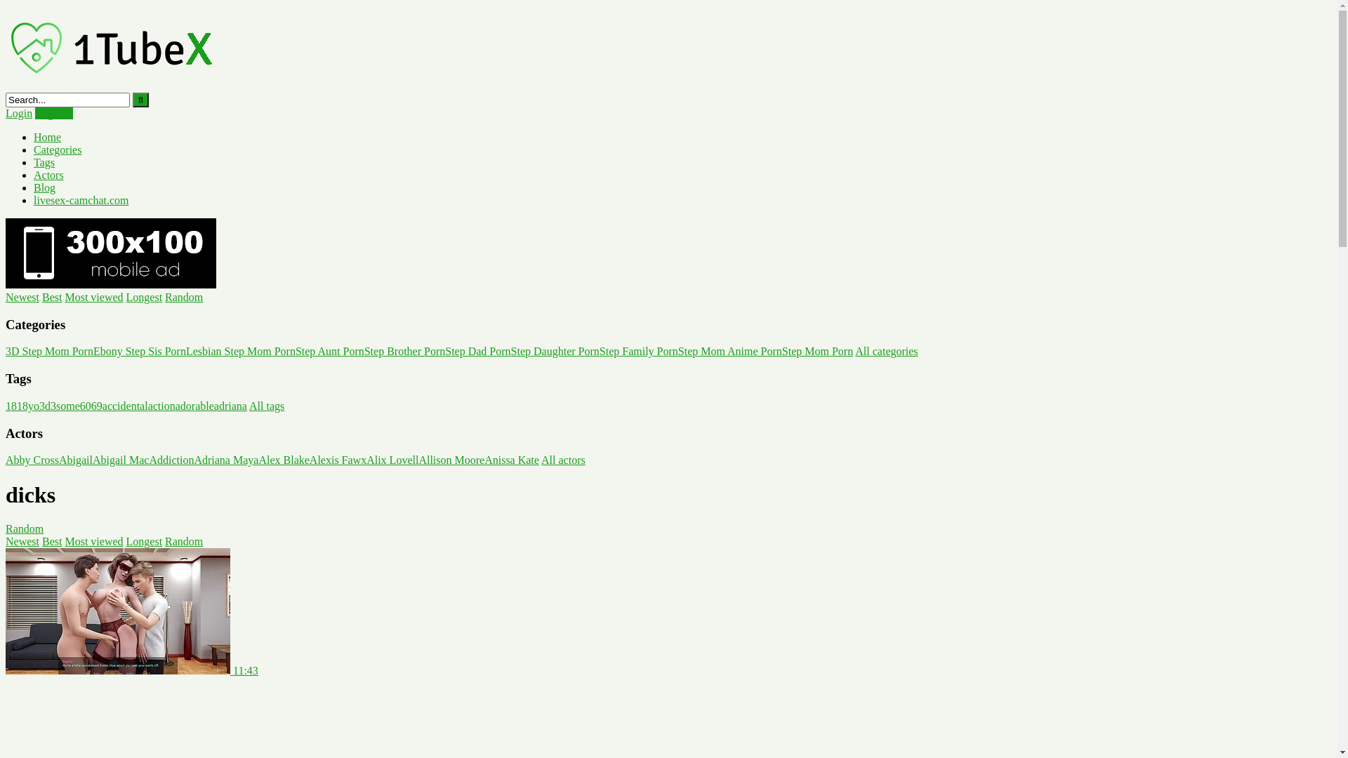  I want to click on 'Step Mom Porn', so click(817, 350).